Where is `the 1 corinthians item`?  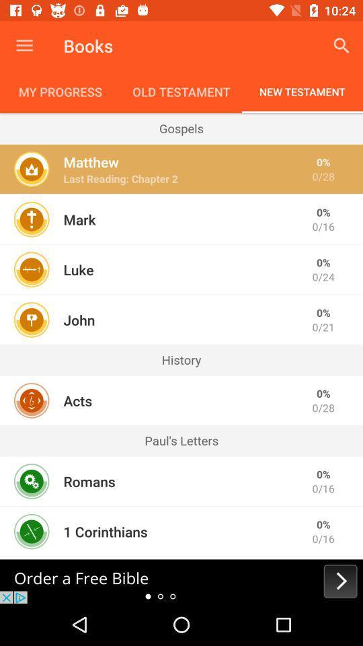 the 1 corinthians item is located at coordinates (105, 532).